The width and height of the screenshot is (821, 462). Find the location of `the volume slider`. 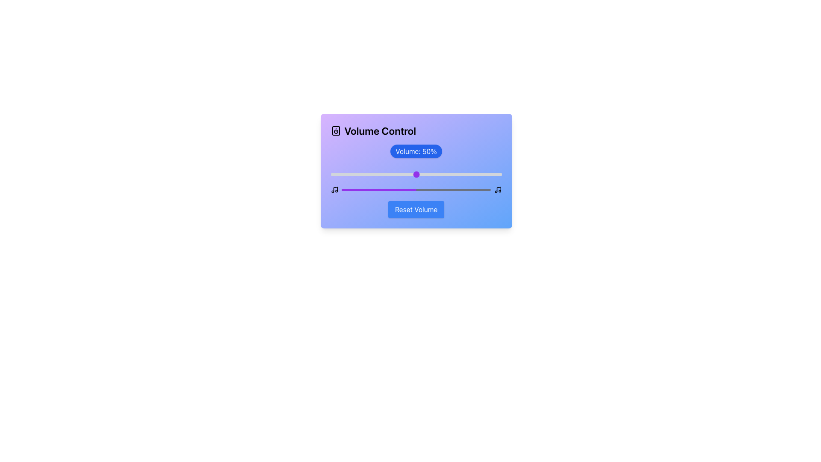

the volume slider is located at coordinates (488, 174).